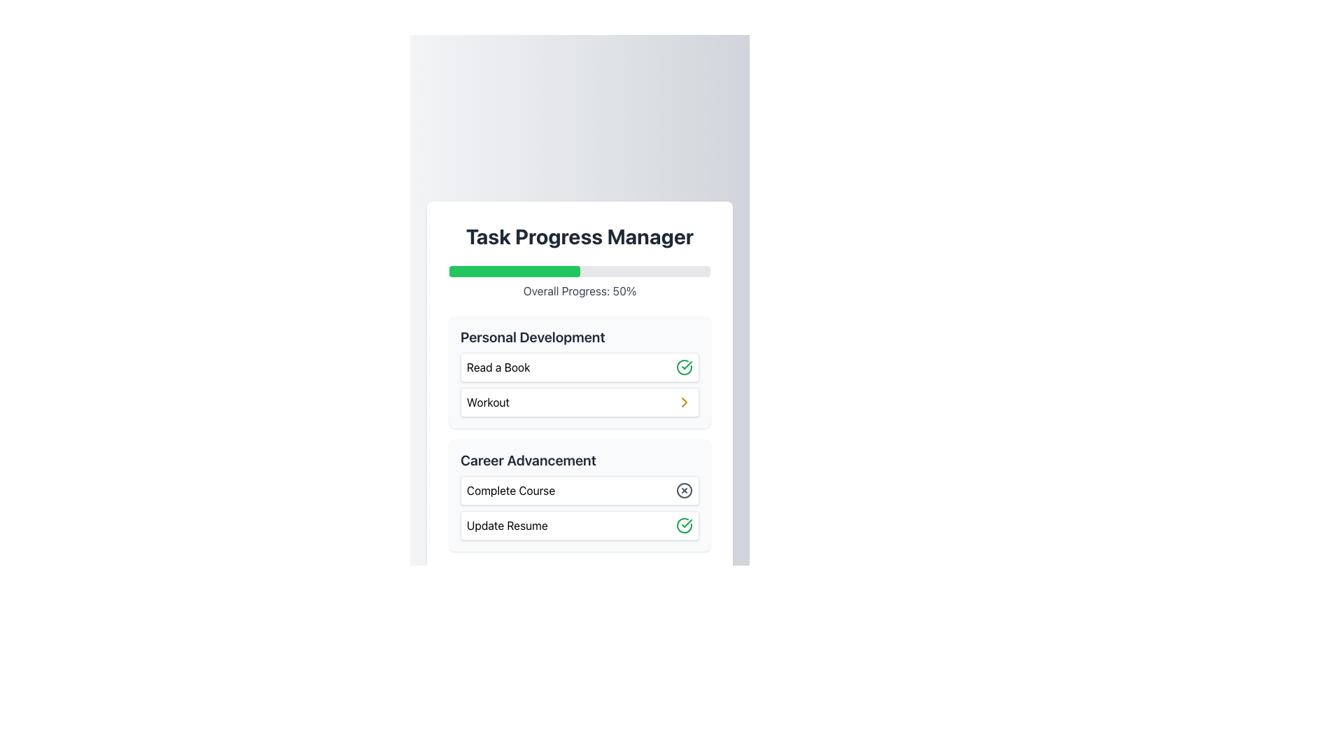 The image size is (1344, 756). I want to click on the circular icon with a cross inside it, located to the right of the 'Complete Course' text in the 'Career Advancement' section, so click(685, 490).